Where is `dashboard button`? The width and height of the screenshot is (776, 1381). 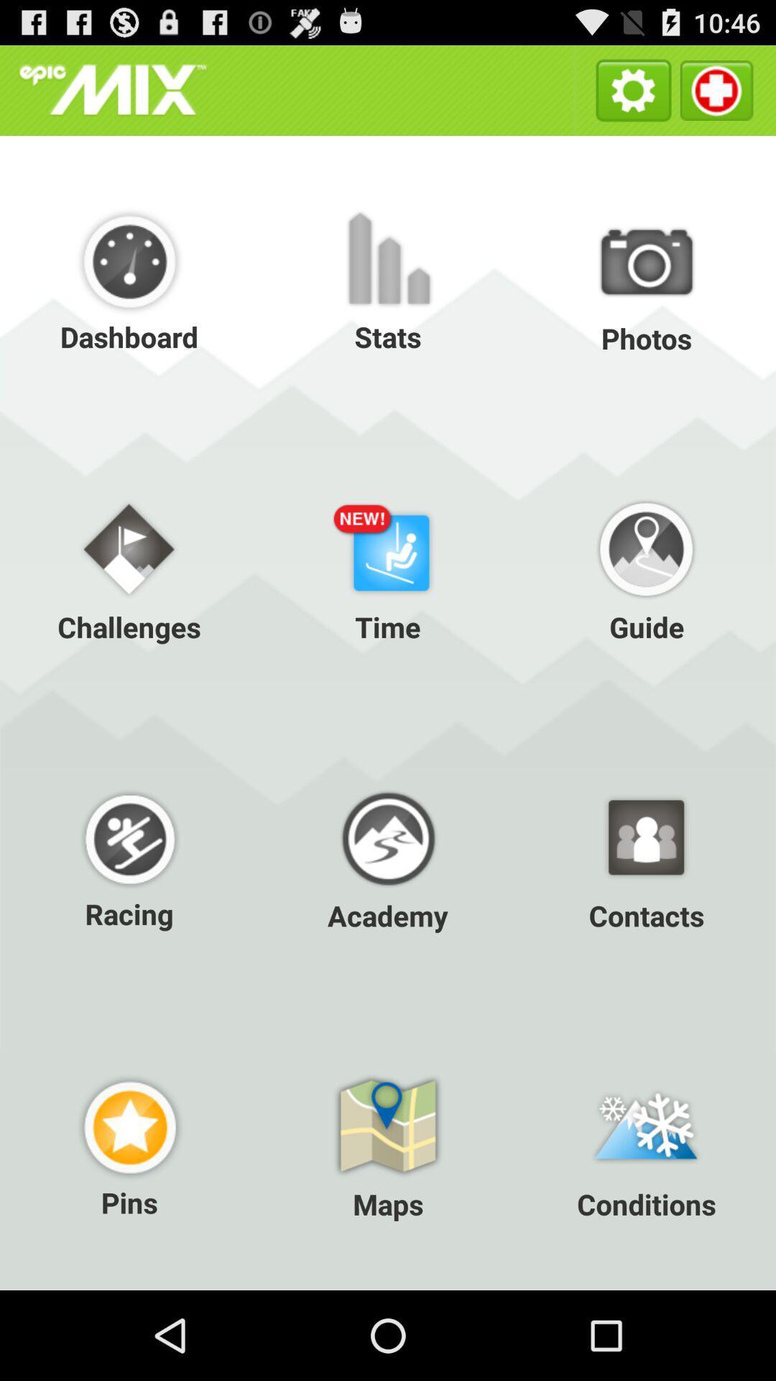 dashboard button is located at coordinates (129, 280).